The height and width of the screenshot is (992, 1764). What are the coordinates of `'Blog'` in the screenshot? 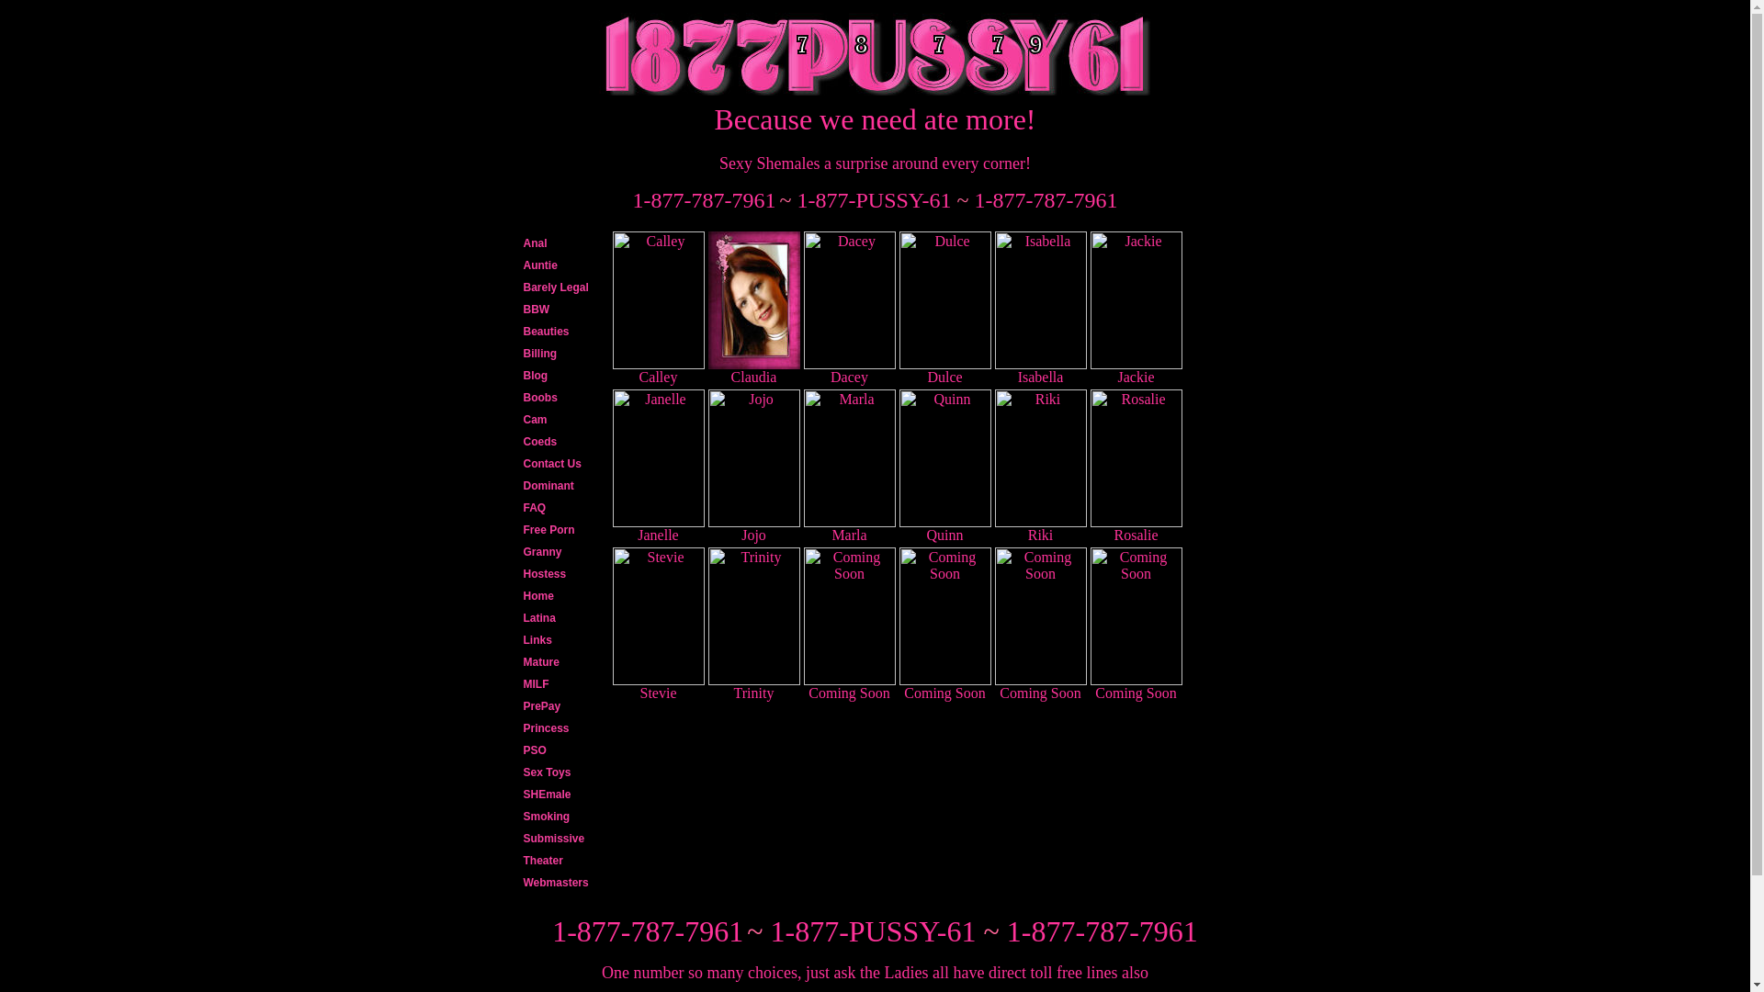 It's located at (514, 374).